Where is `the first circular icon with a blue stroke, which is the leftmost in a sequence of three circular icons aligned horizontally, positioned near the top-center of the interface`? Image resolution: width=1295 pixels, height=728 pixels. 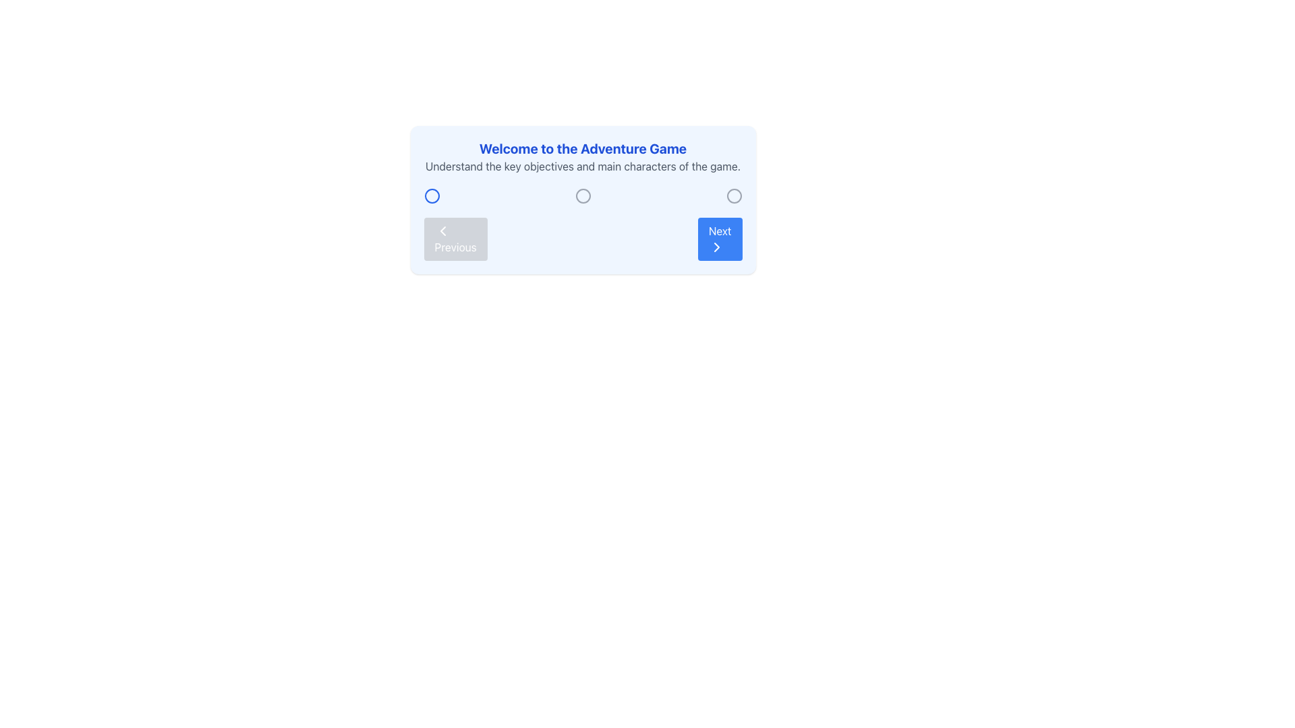 the first circular icon with a blue stroke, which is the leftmost in a sequence of three circular icons aligned horizontally, positioned near the top-center of the interface is located at coordinates (432, 195).